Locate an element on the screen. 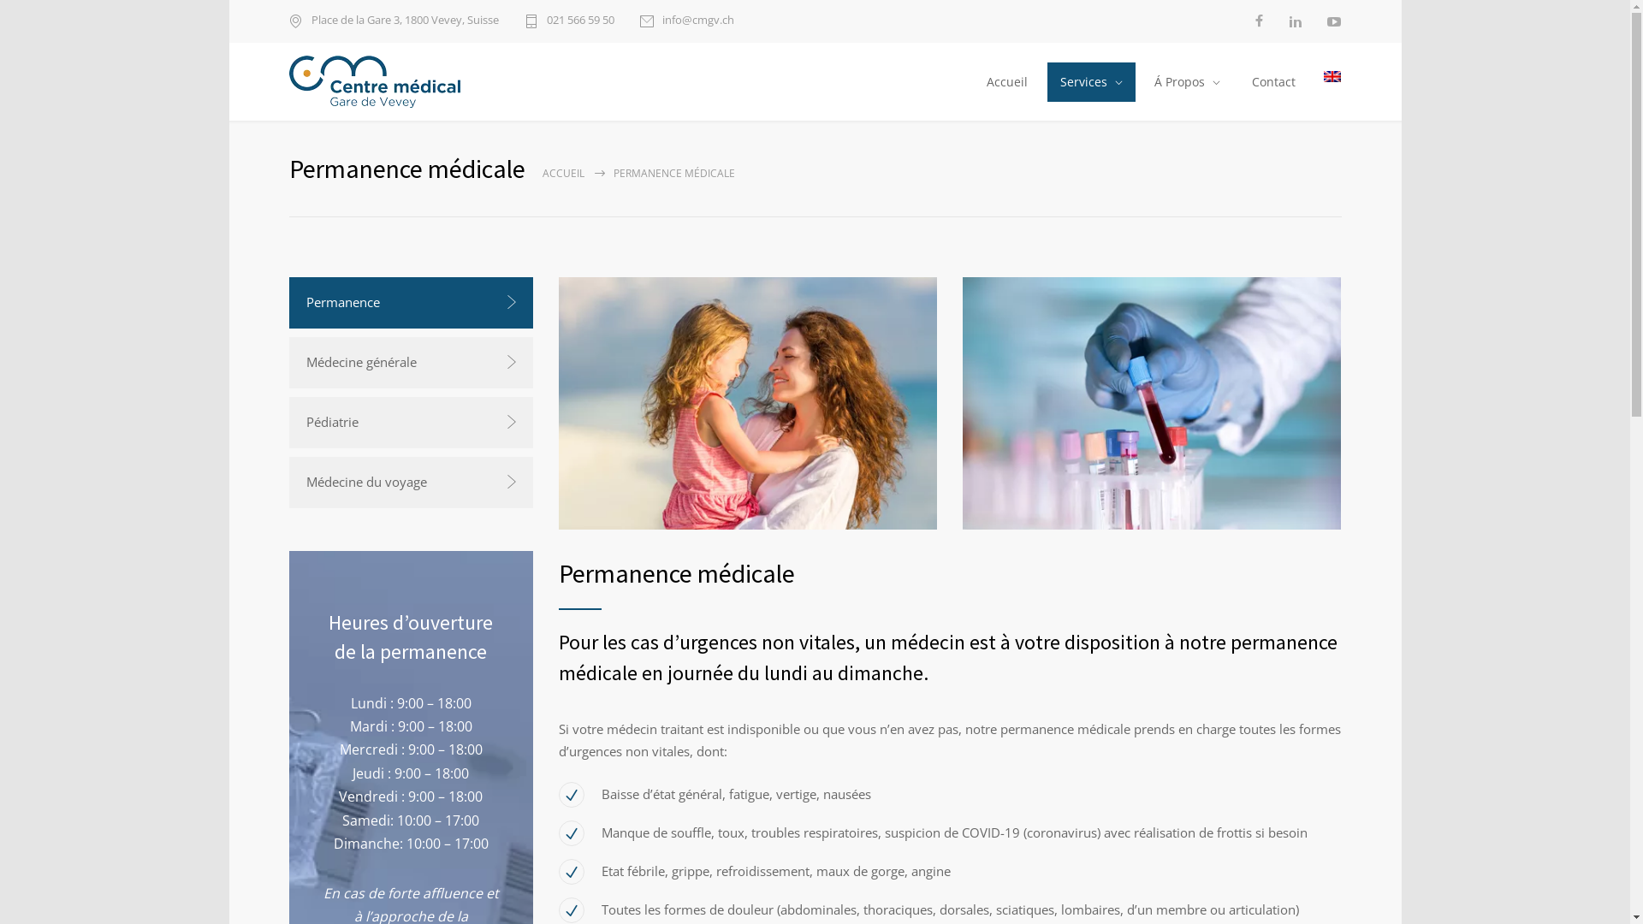 The width and height of the screenshot is (1643, 924). 'Contact' is located at coordinates (1237, 82).